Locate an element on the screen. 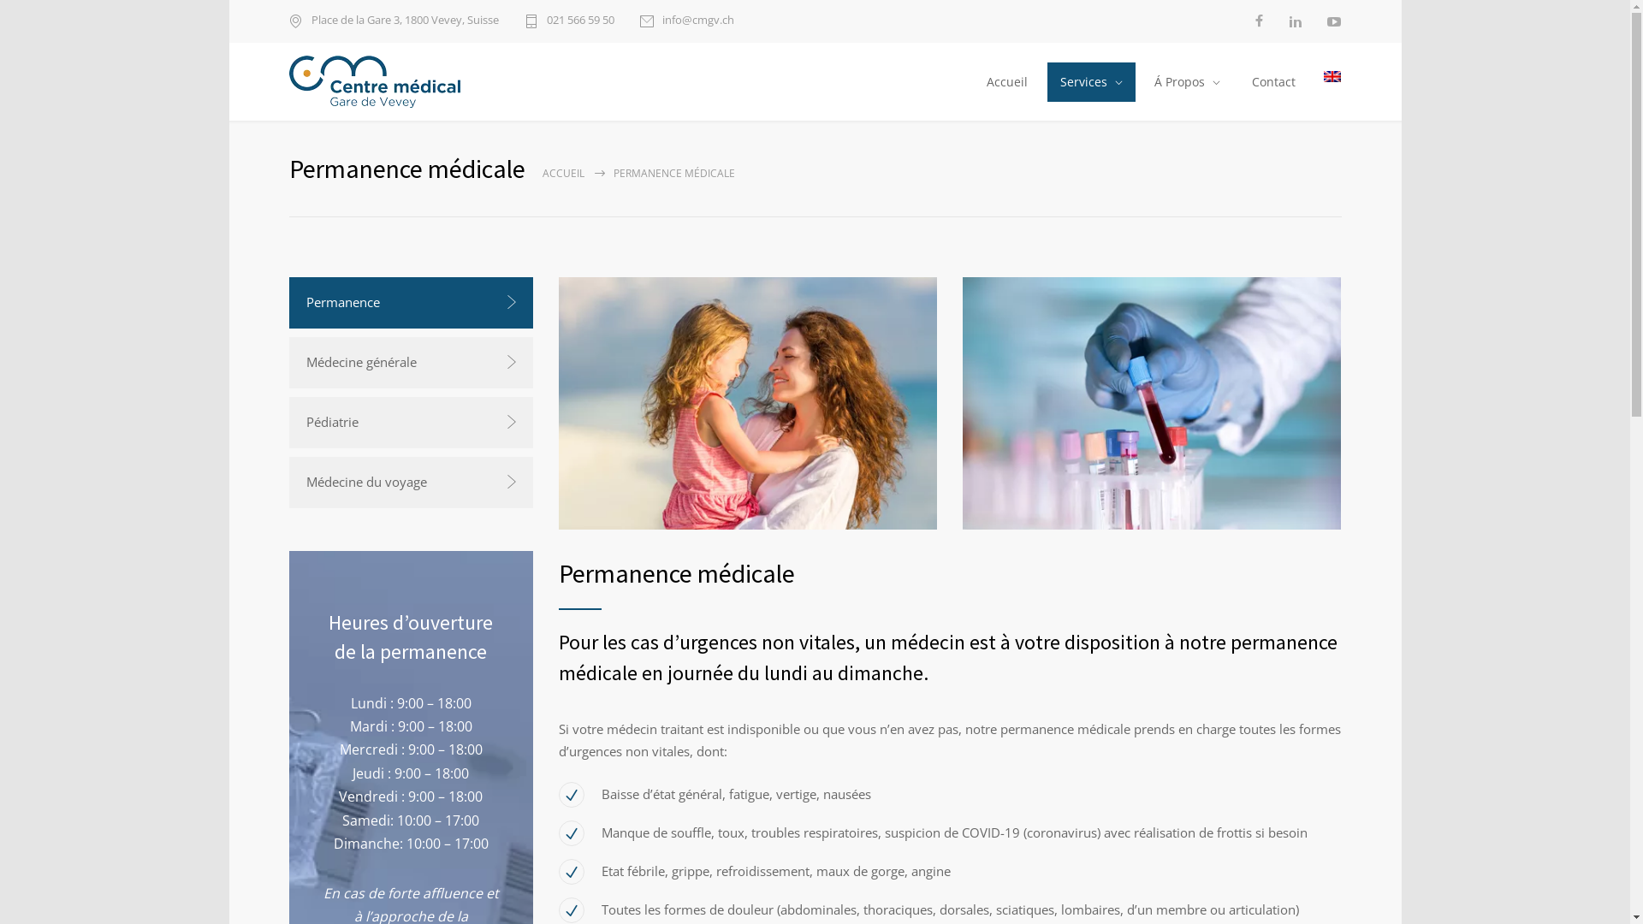 The width and height of the screenshot is (1643, 924). 'Contact' is located at coordinates (1237, 82).